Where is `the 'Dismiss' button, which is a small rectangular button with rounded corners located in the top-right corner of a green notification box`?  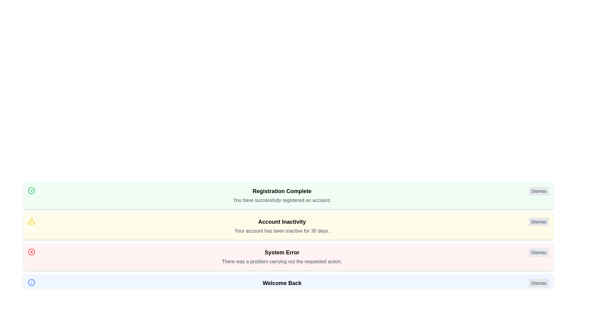
the 'Dismiss' button, which is a small rectangular button with rounded corners located in the top-right corner of a green notification box is located at coordinates (538, 191).